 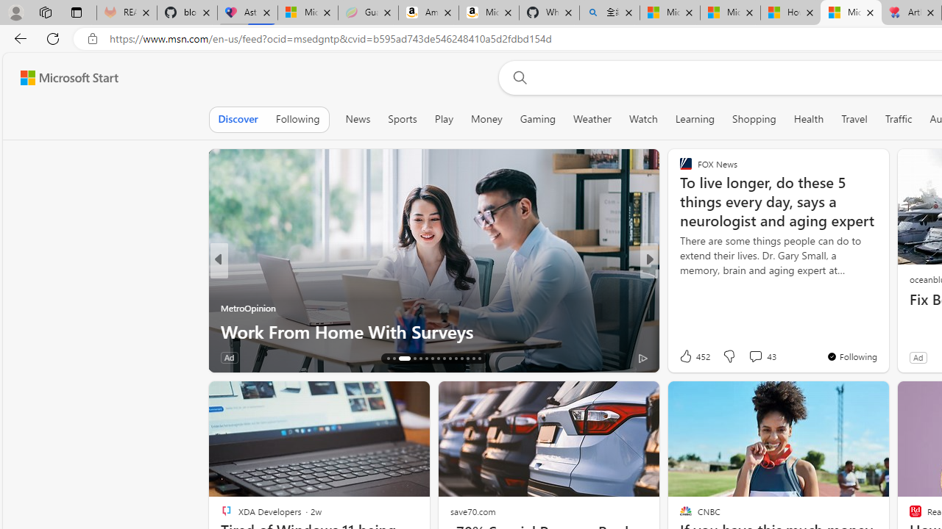 I want to click on '2k Like', so click(x=686, y=357).